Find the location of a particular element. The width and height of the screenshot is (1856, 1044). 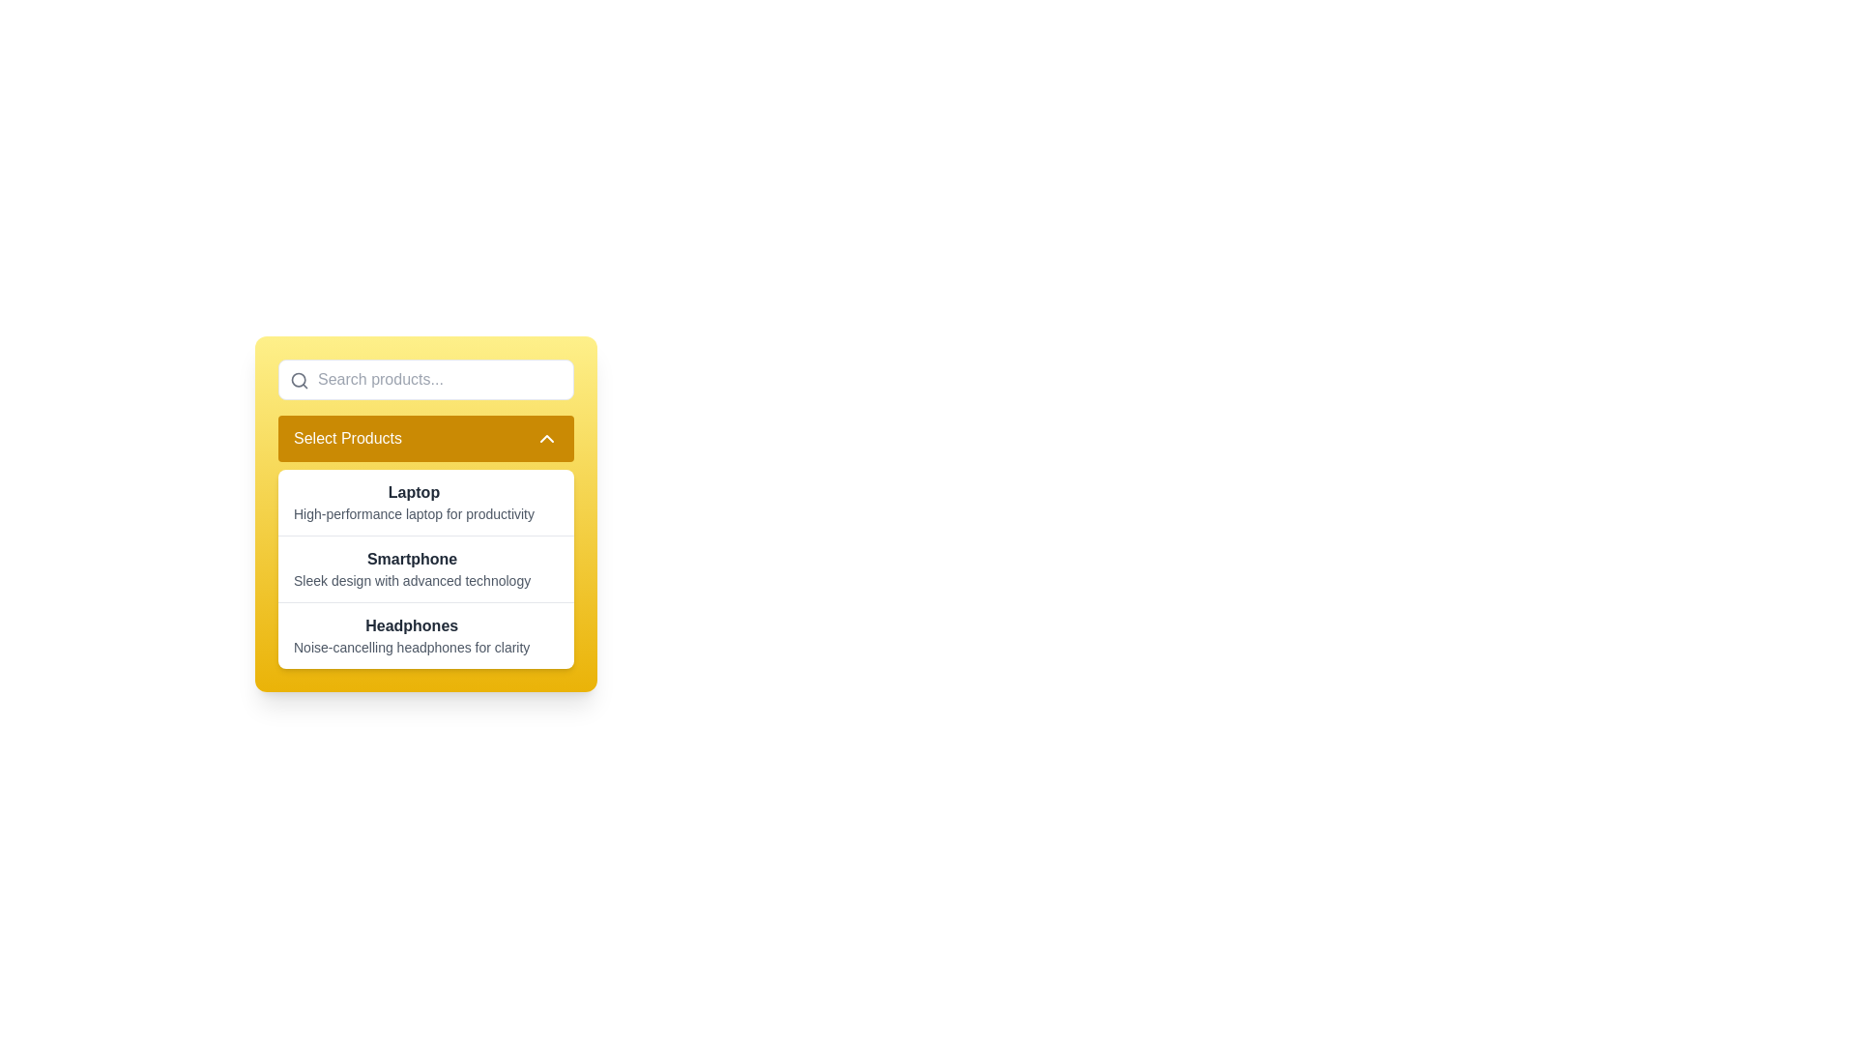

the text label that contains the content 'Sleek design with advanced technology', which is positioned underneath the bold title 'Smartphone' in a vertical list layout is located at coordinates (411, 580).